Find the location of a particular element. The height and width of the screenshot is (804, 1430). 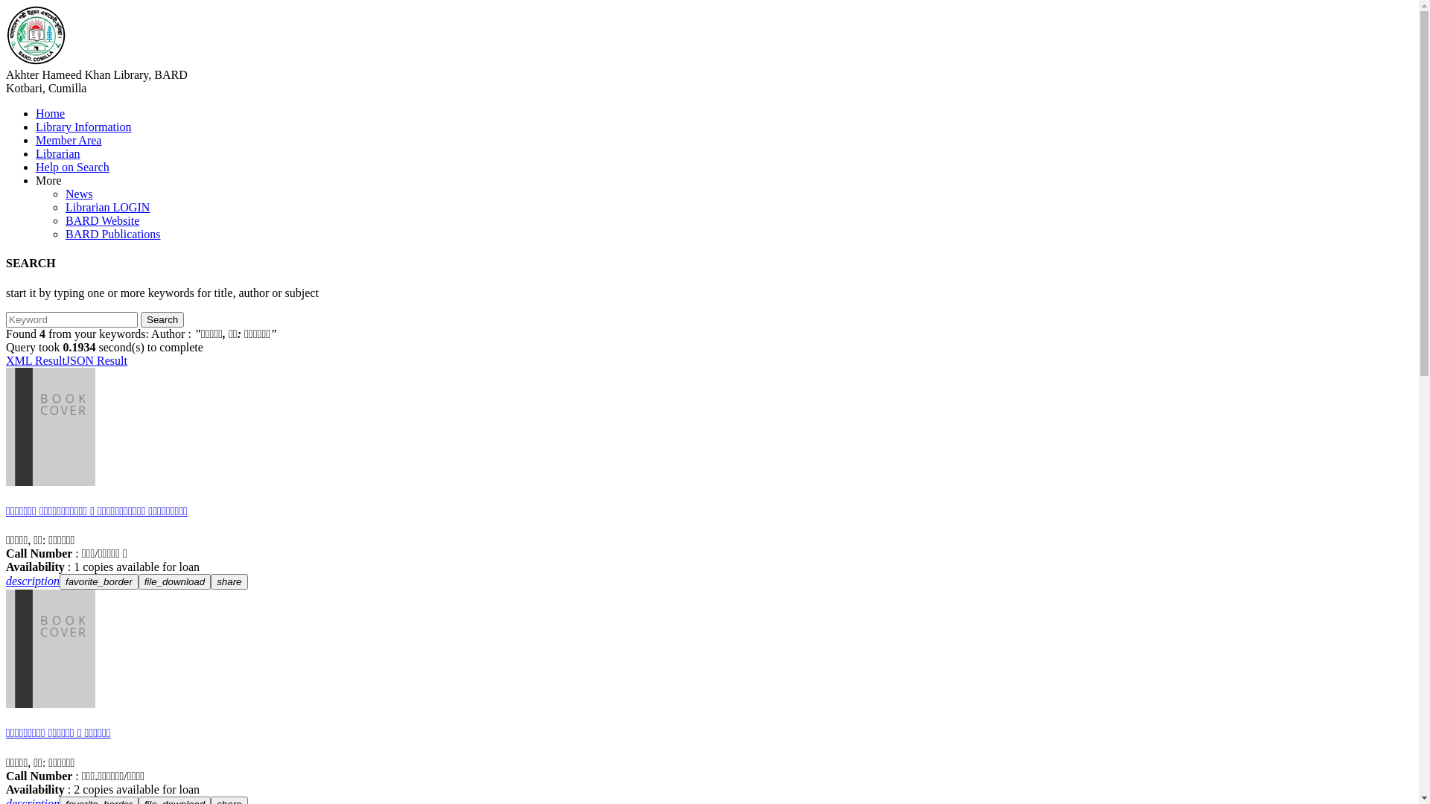

'Member Area' is located at coordinates (67, 140).